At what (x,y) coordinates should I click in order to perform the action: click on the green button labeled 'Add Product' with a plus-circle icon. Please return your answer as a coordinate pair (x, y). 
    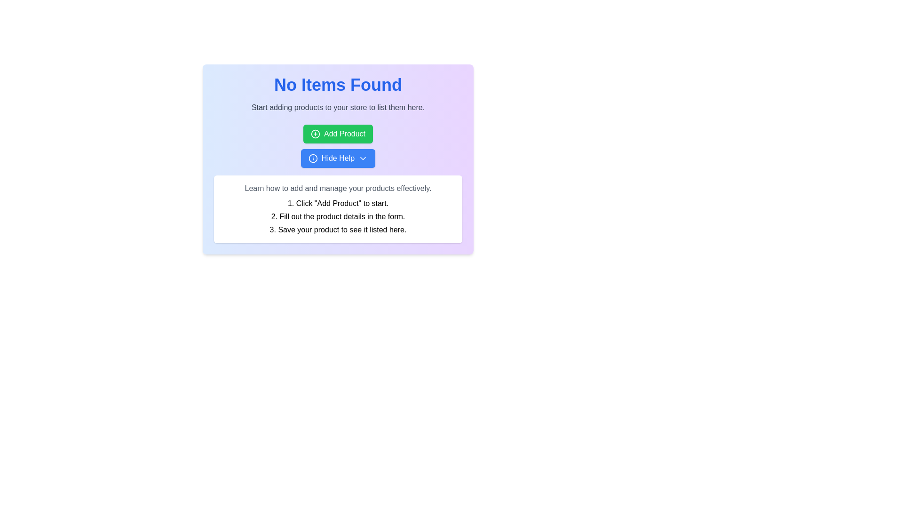
    Looking at the image, I should click on (338, 134).